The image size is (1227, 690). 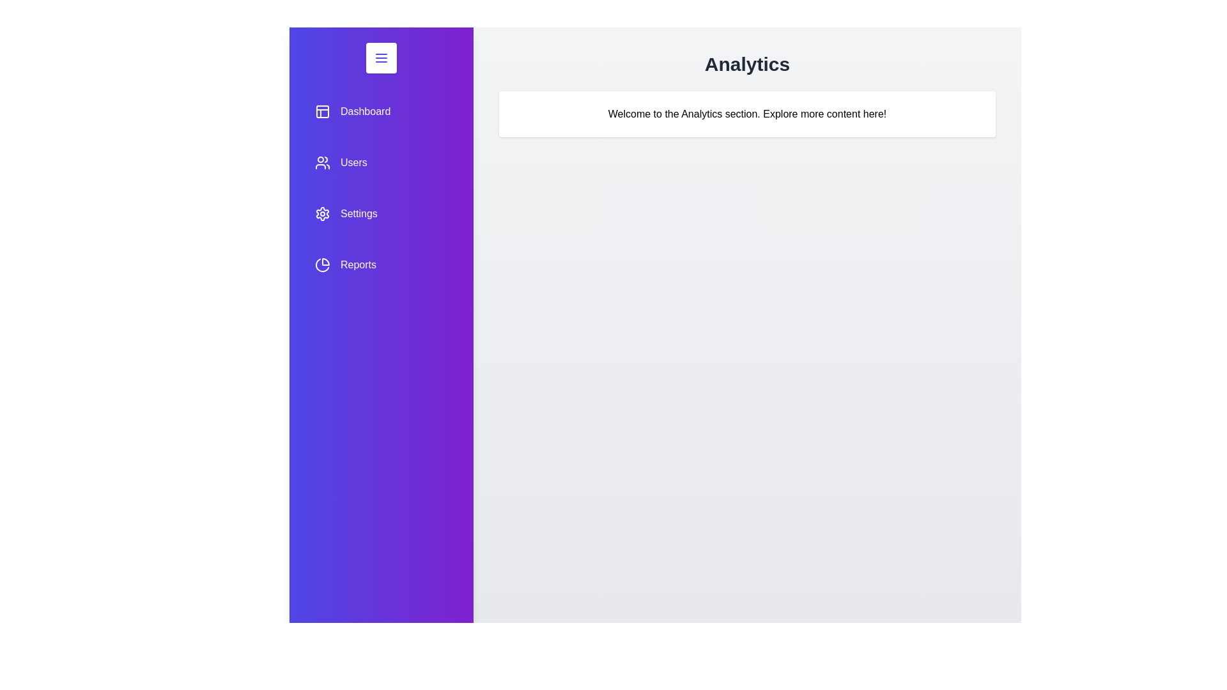 I want to click on the menu item Users to preview its interaction, so click(x=380, y=162).